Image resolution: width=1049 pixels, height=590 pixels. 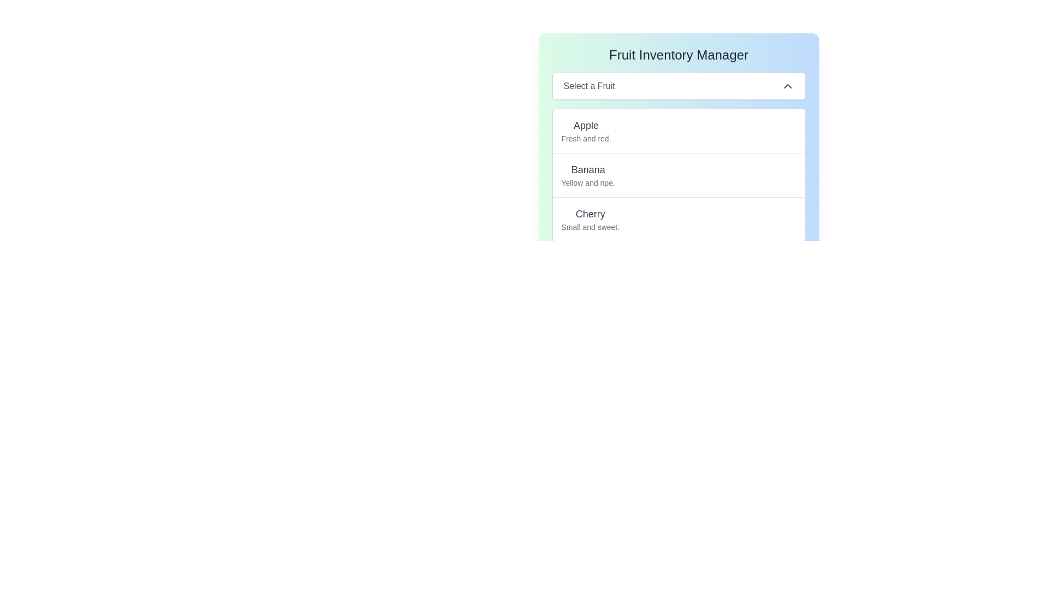 I want to click on the 'Cherry' text label, which serves as the title for the fruit item in the inventory, to associate it with its related description, so click(x=590, y=214).